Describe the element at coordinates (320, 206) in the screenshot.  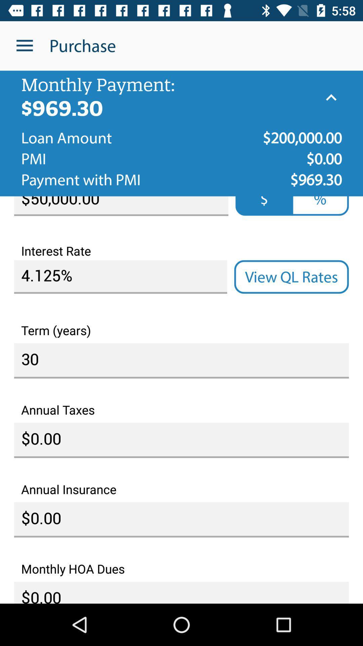
I see `the item next to $50,000.00 icon` at that location.